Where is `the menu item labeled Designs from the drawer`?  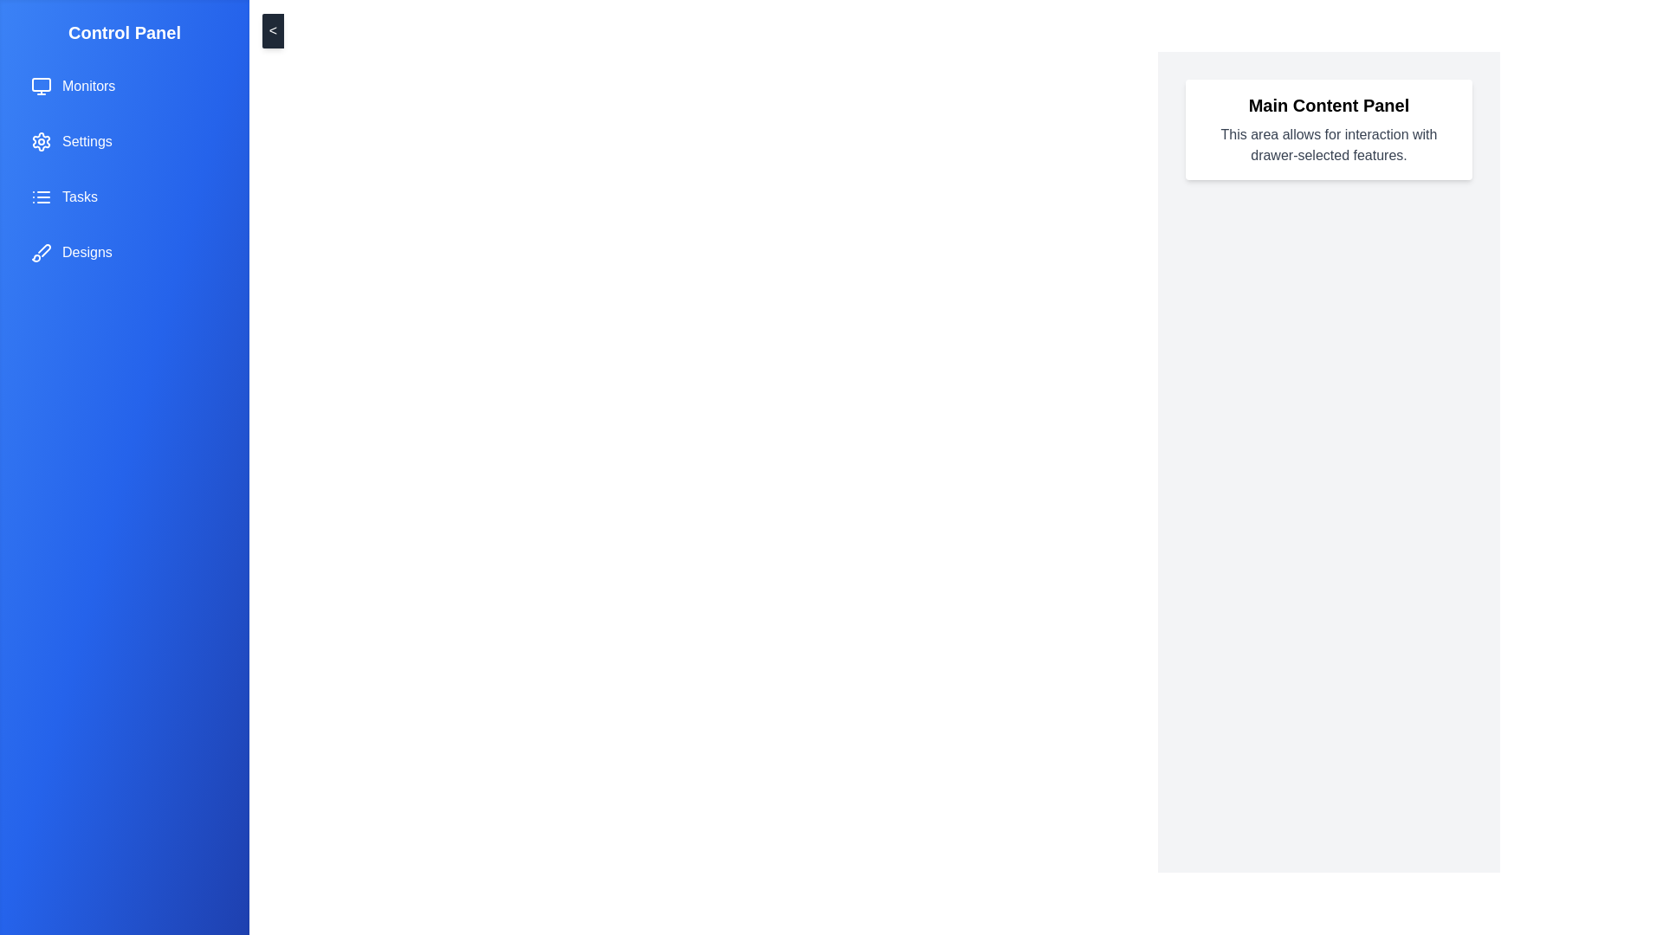
the menu item labeled Designs from the drawer is located at coordinates (124, 253).